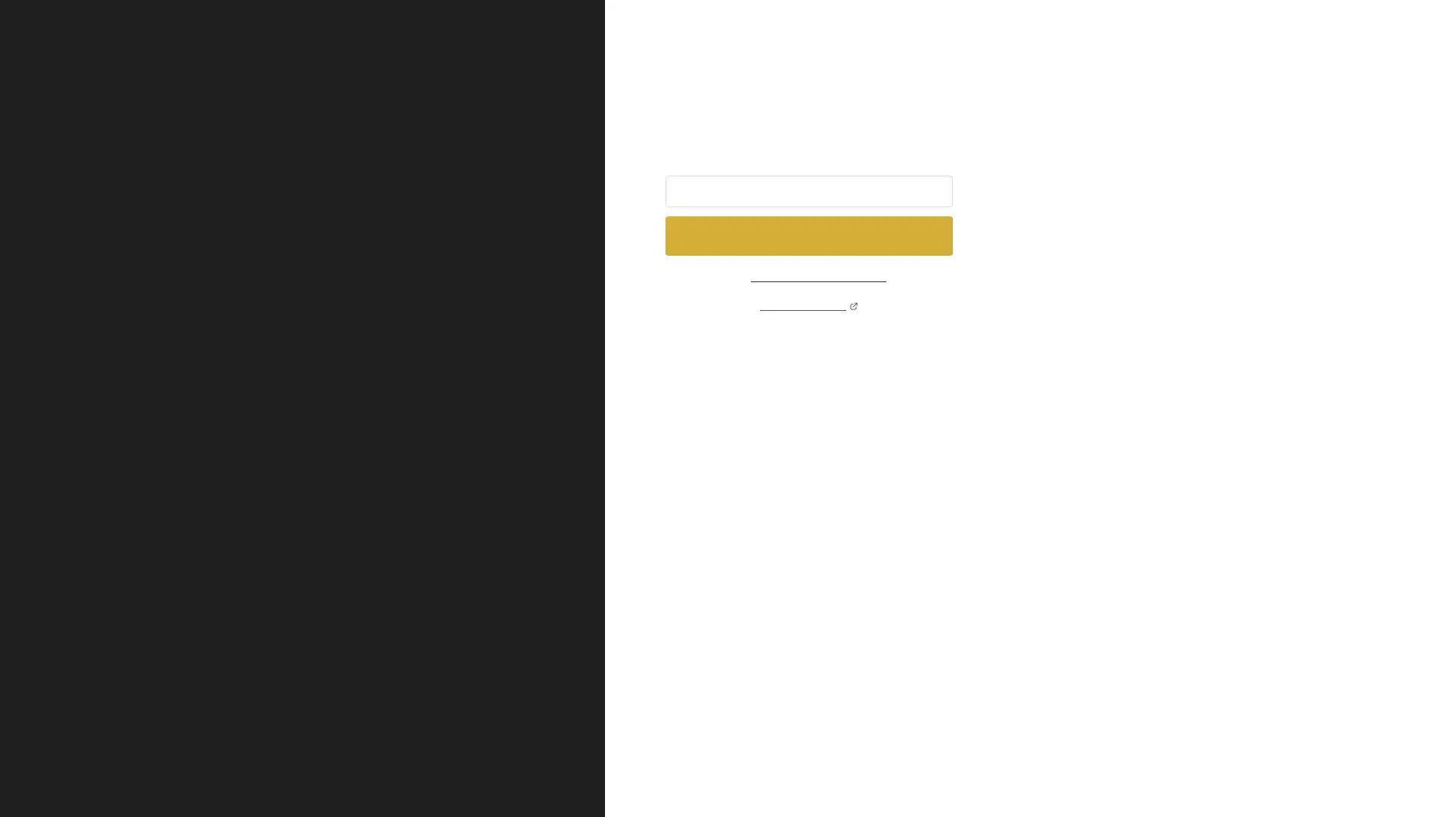 Image resolution: width=1452 pixels, height=817 pixels. Describe the element at coordinates (816, 277) in the screenshot. I see `sign in using password` at that location.